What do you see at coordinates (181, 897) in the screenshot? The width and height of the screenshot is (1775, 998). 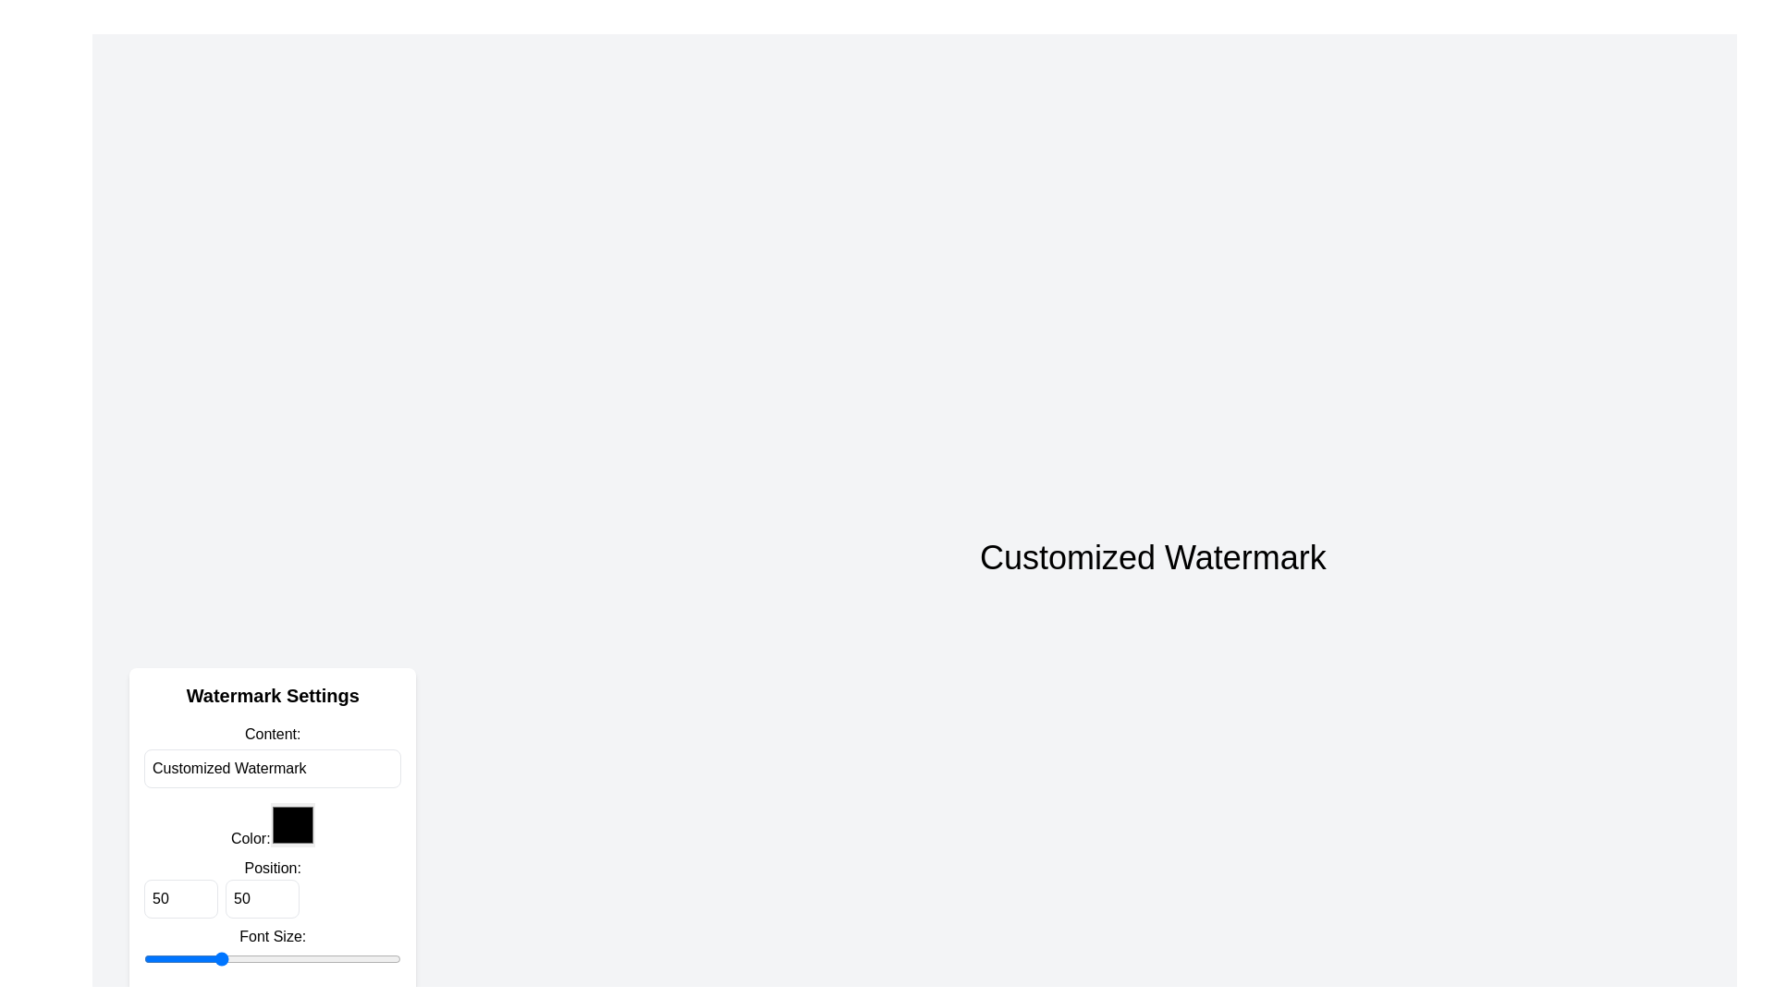 I see `the number input field with the value '50', which has a light border and slightly rounded corners` at bounding box center [181, 897].